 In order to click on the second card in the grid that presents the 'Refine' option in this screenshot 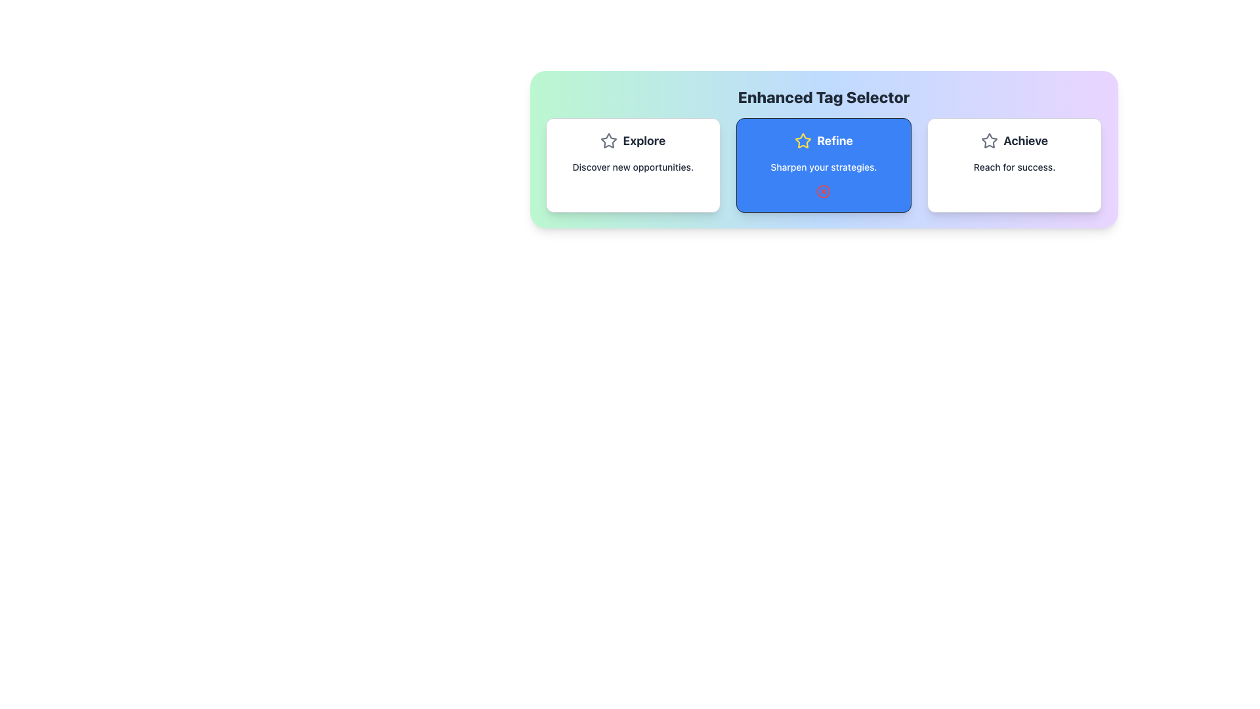, I will do `click(823, 164)`.